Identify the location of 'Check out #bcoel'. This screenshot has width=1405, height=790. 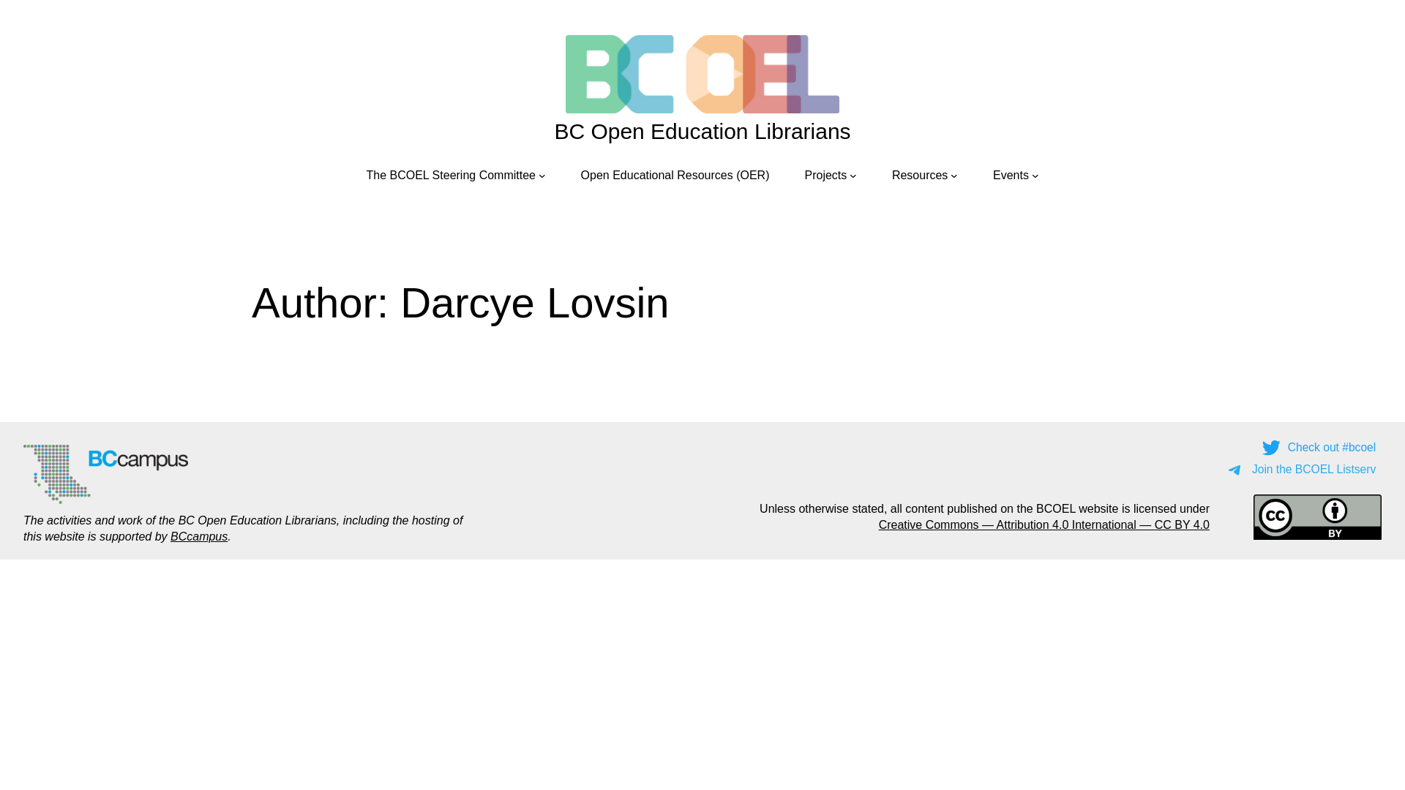
(1320, 447).